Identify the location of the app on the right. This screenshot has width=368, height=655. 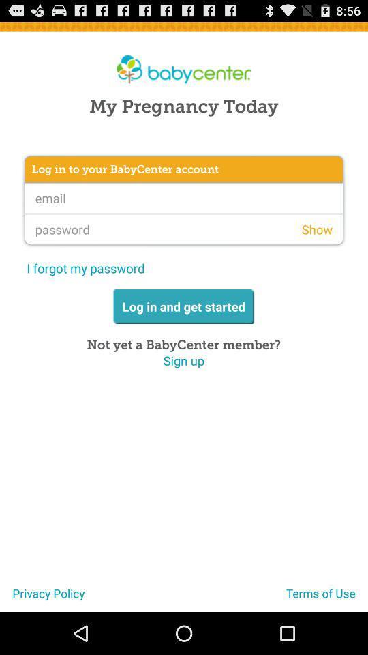
(317, 229).